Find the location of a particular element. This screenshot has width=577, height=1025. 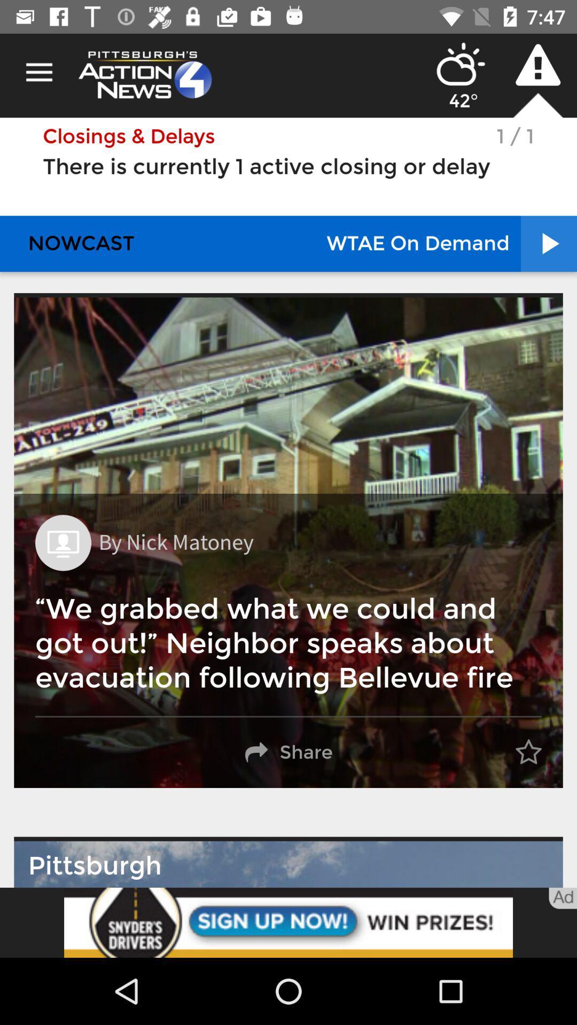

the menu icon is located at coordinates (38, 72).